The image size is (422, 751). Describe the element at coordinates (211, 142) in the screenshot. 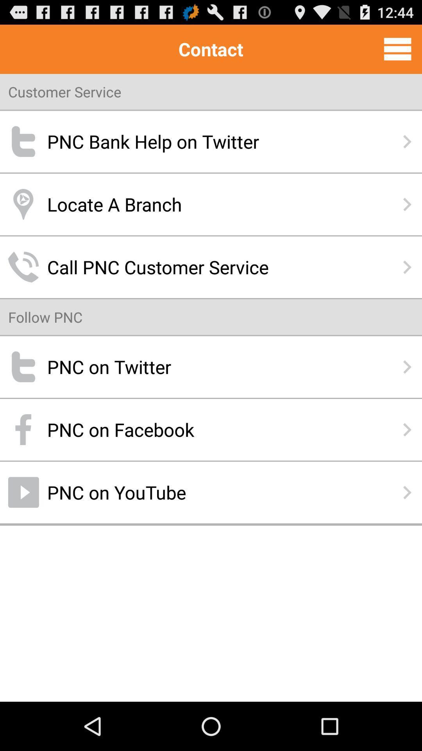

I see `the pnc bank help icon` at that location.